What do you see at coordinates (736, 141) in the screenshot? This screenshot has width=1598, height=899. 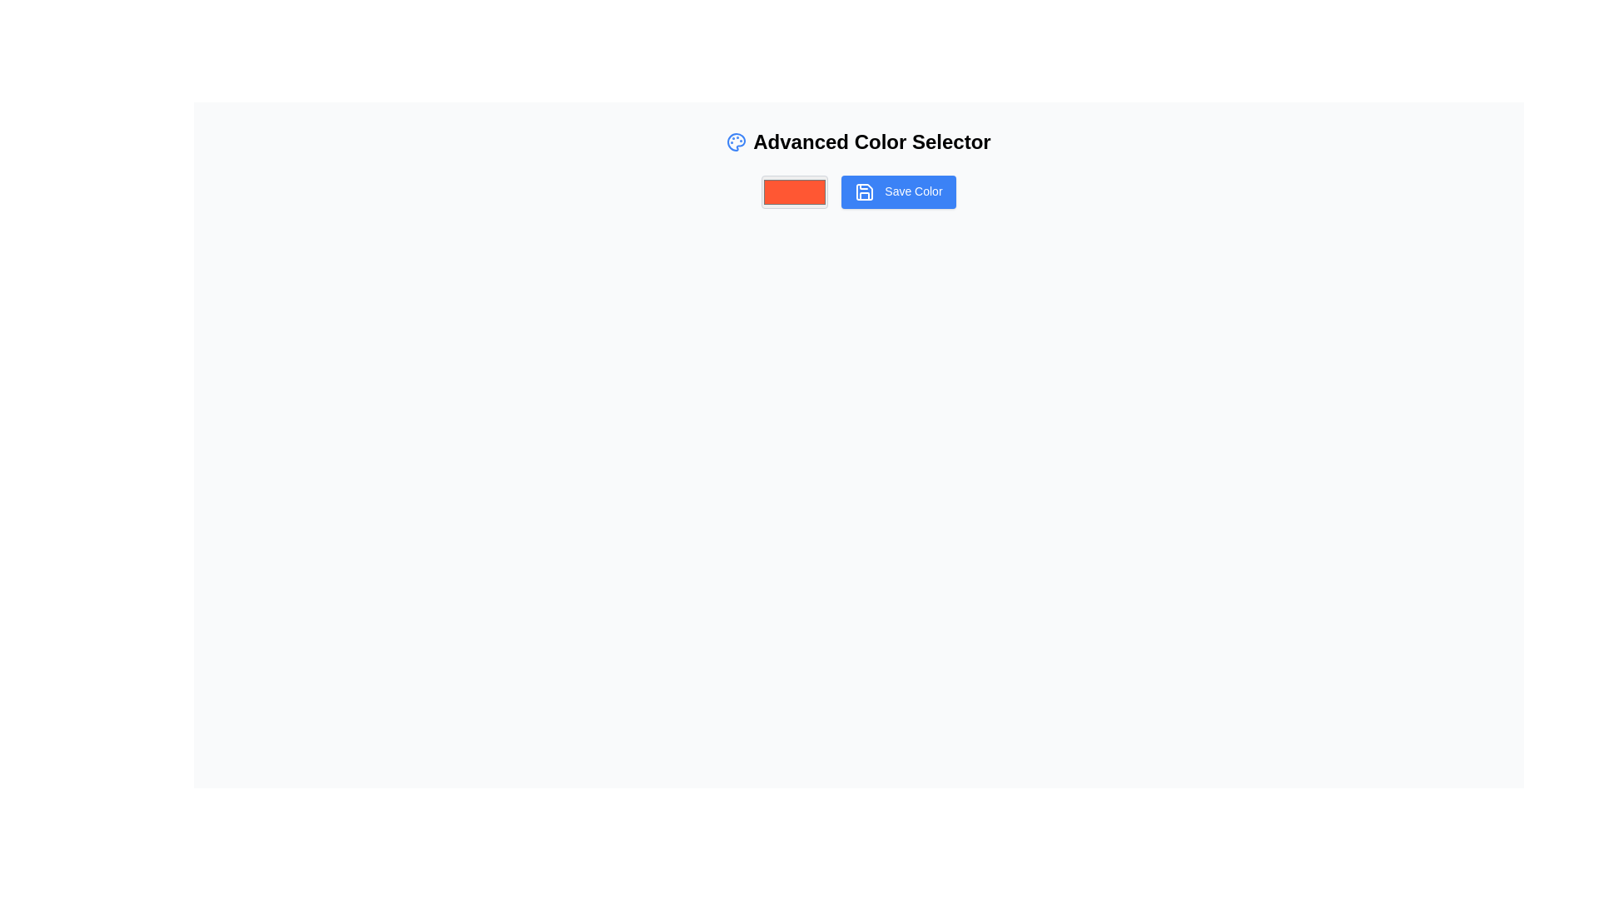 I see `the circular SVG shape icon representing a compact and stylized palette, located adjacent to the text 'Advanced Color Selector' and near the 'Save Color' button` at bounding box center [736, 141].